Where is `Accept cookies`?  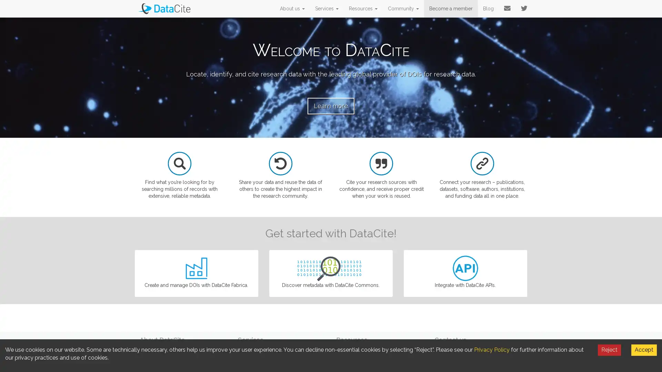
Accept cookies is located at coordinates (643, 350).